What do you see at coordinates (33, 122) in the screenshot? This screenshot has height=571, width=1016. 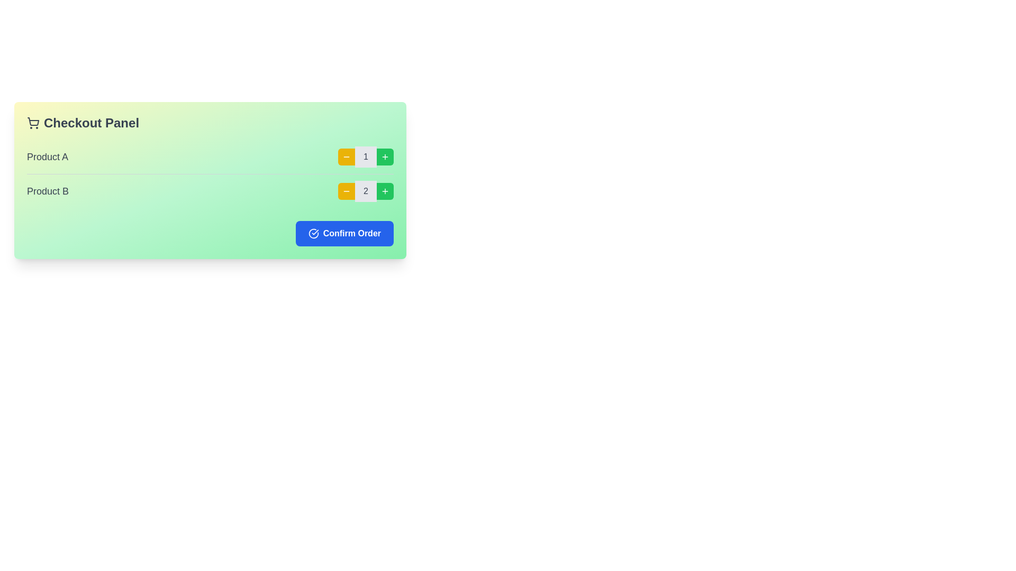 I see `the shopping cart icon located in the top-left section of the 'Checkout Panel' header for information about the section it represents` at bounding box center [33, 122].